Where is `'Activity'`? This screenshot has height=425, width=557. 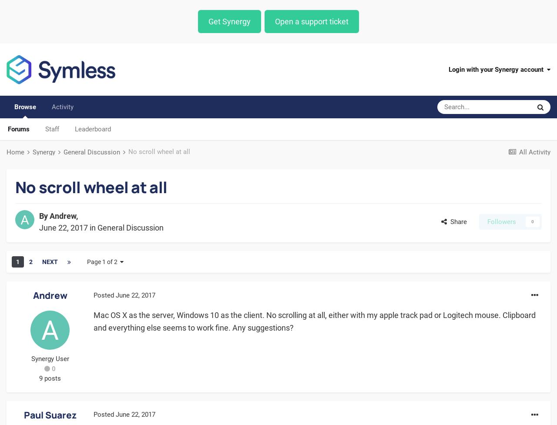 'Activity' is located at coordinates (62, 107).